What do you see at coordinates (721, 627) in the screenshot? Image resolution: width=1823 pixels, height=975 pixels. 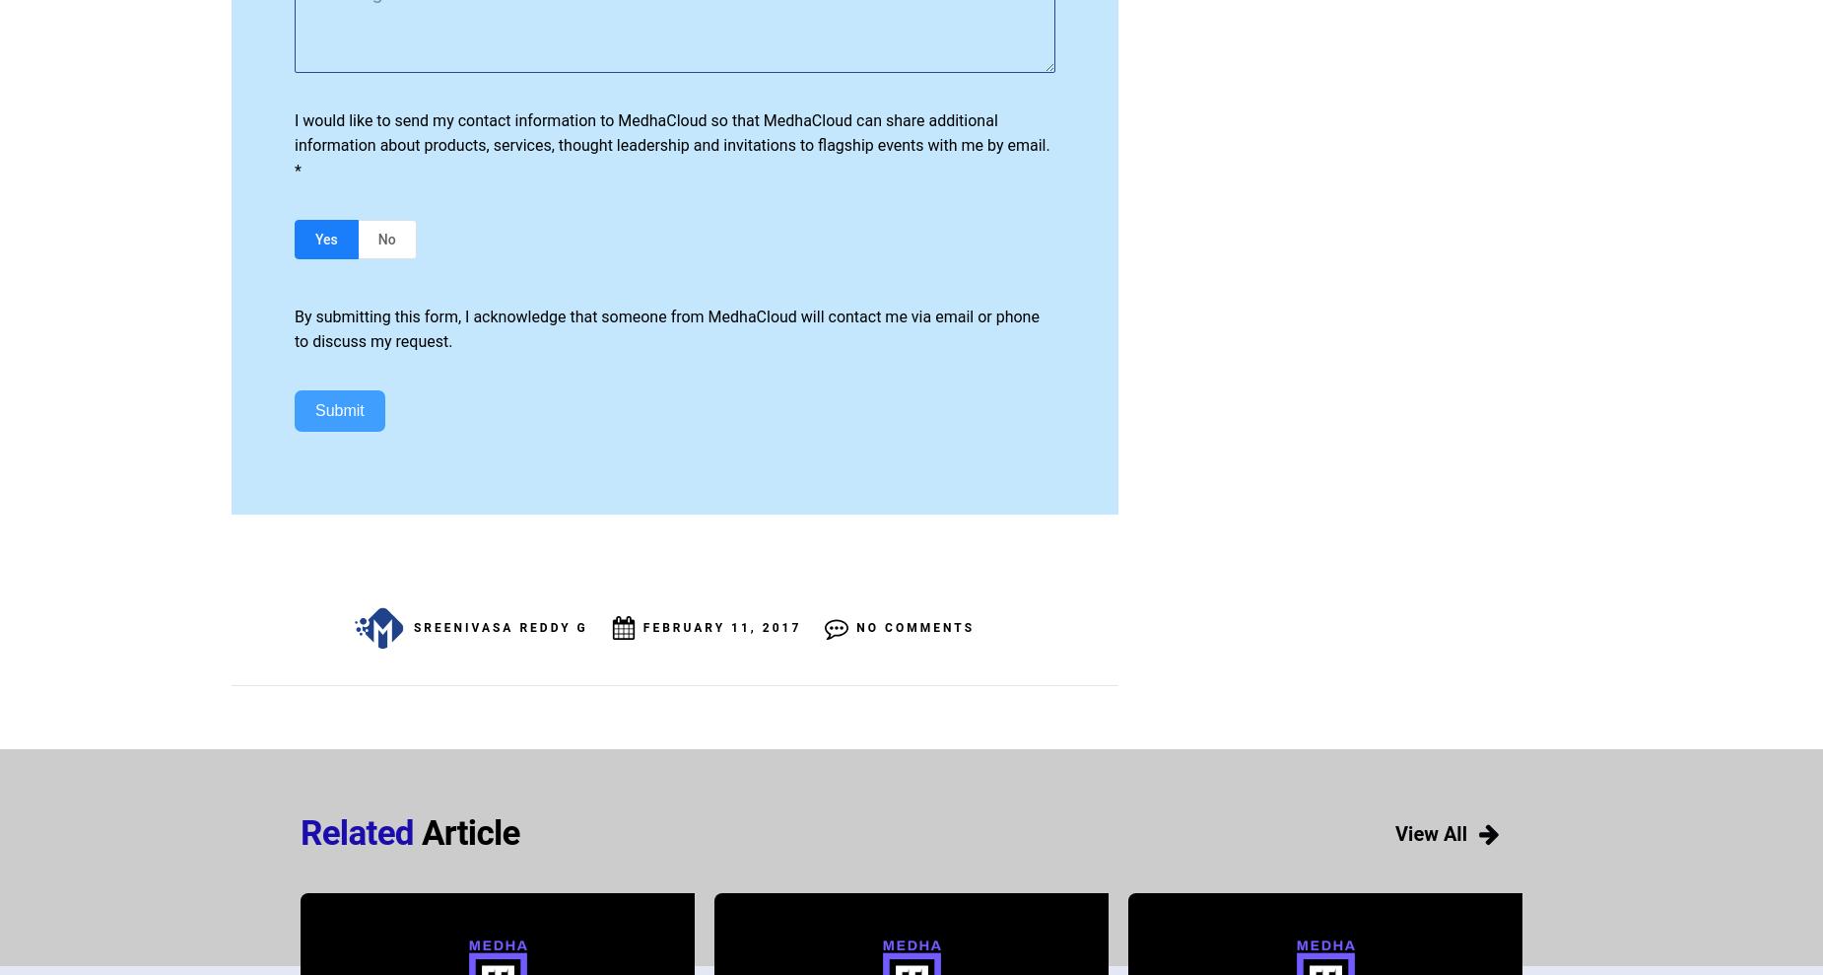 I see `'February 11, 2017'` at bounding box center [721, 627].